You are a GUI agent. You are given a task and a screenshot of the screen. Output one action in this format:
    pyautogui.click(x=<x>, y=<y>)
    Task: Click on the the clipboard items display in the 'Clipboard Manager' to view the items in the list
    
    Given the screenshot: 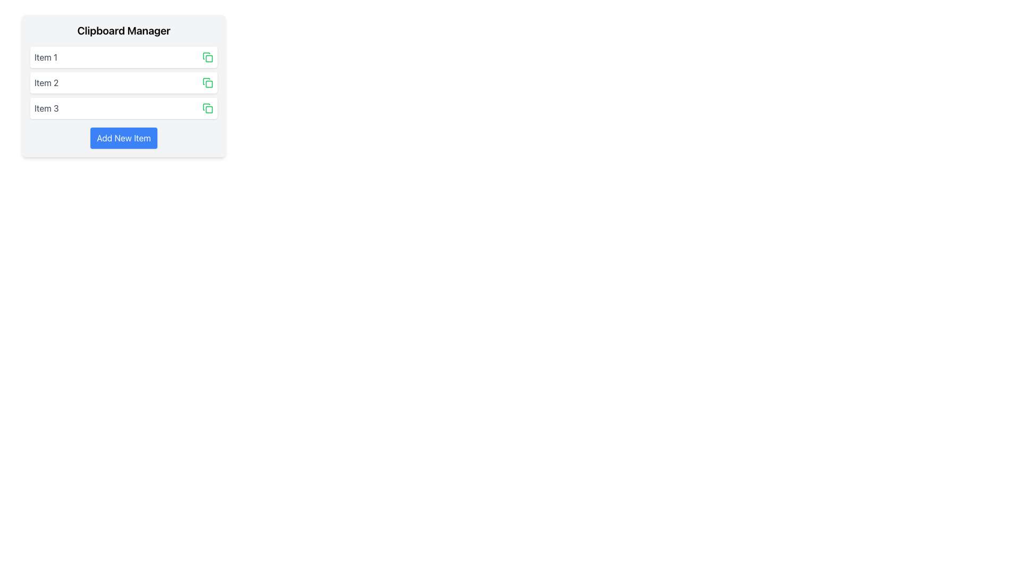 What is the action you would take?
    pyautogui.click(x=124, y=82)
    